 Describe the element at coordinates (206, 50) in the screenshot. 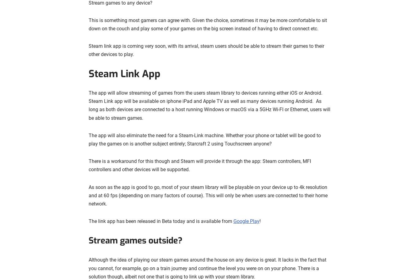

I see `'Steam link app is coming very soon, with its arrival, steam users should be able to stream their games to their other devices to play.'` at that location.